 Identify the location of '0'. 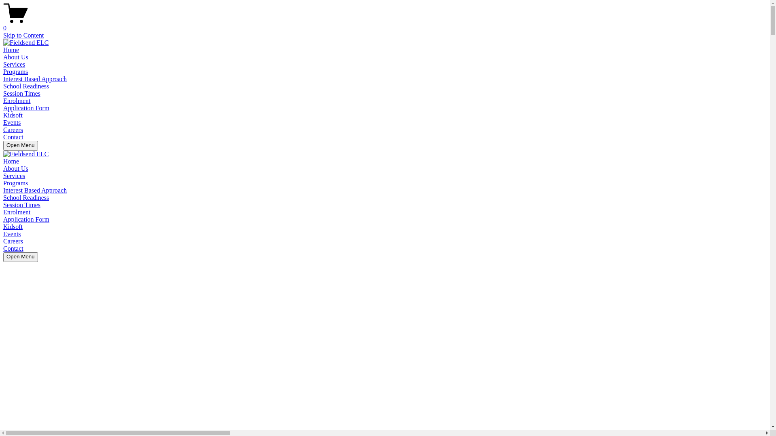
(3, 24).